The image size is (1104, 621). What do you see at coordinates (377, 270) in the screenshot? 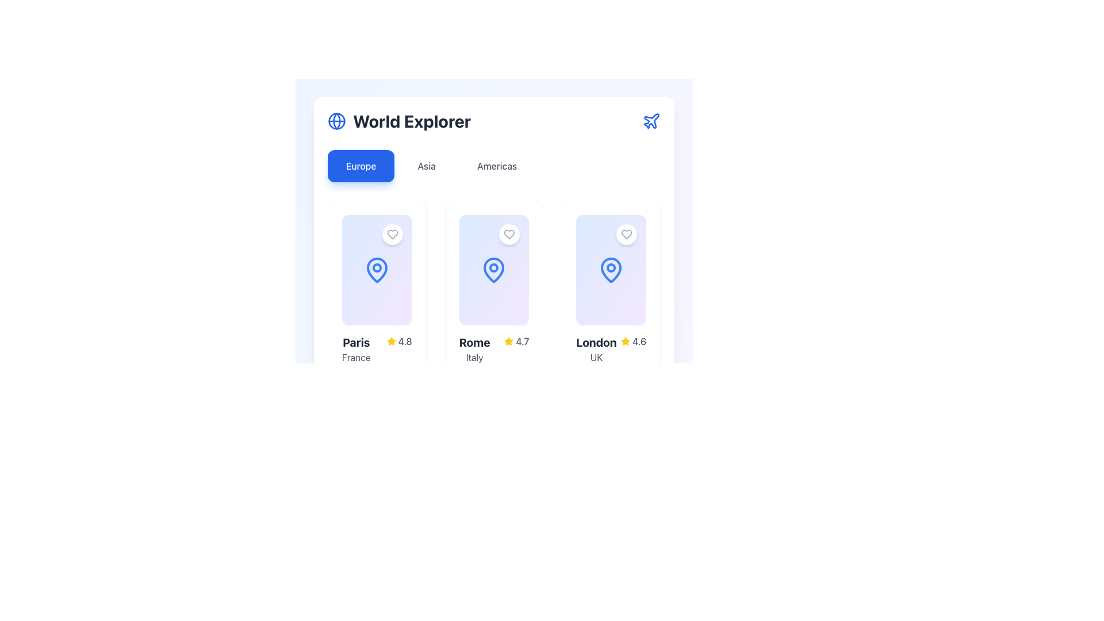
I see `the first Information Card located beneath the Europe tab, which features a pin-shaped icon at its center and a heart icon at the top-right corner` at bounding box center [377, 270].